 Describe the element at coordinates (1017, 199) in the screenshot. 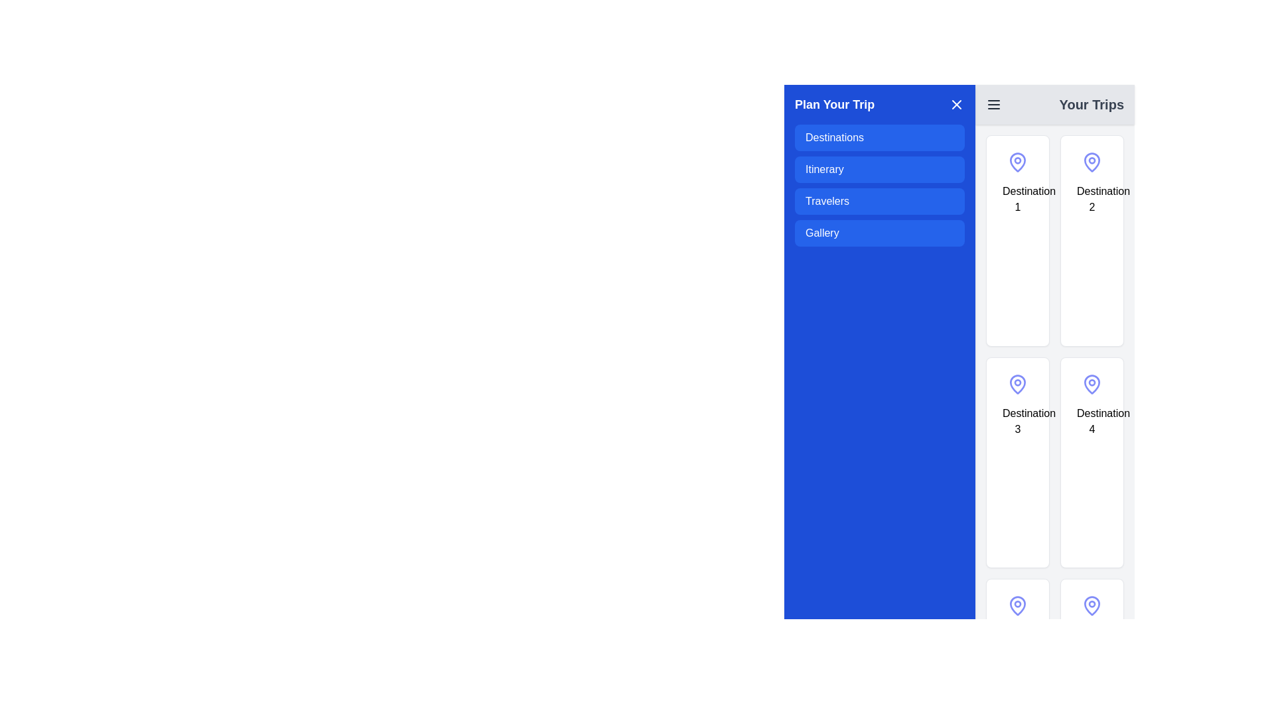

I see `the textual label 'Destination 1' within the light-colored rounded rectangular card for accessibility interactions` at that location.